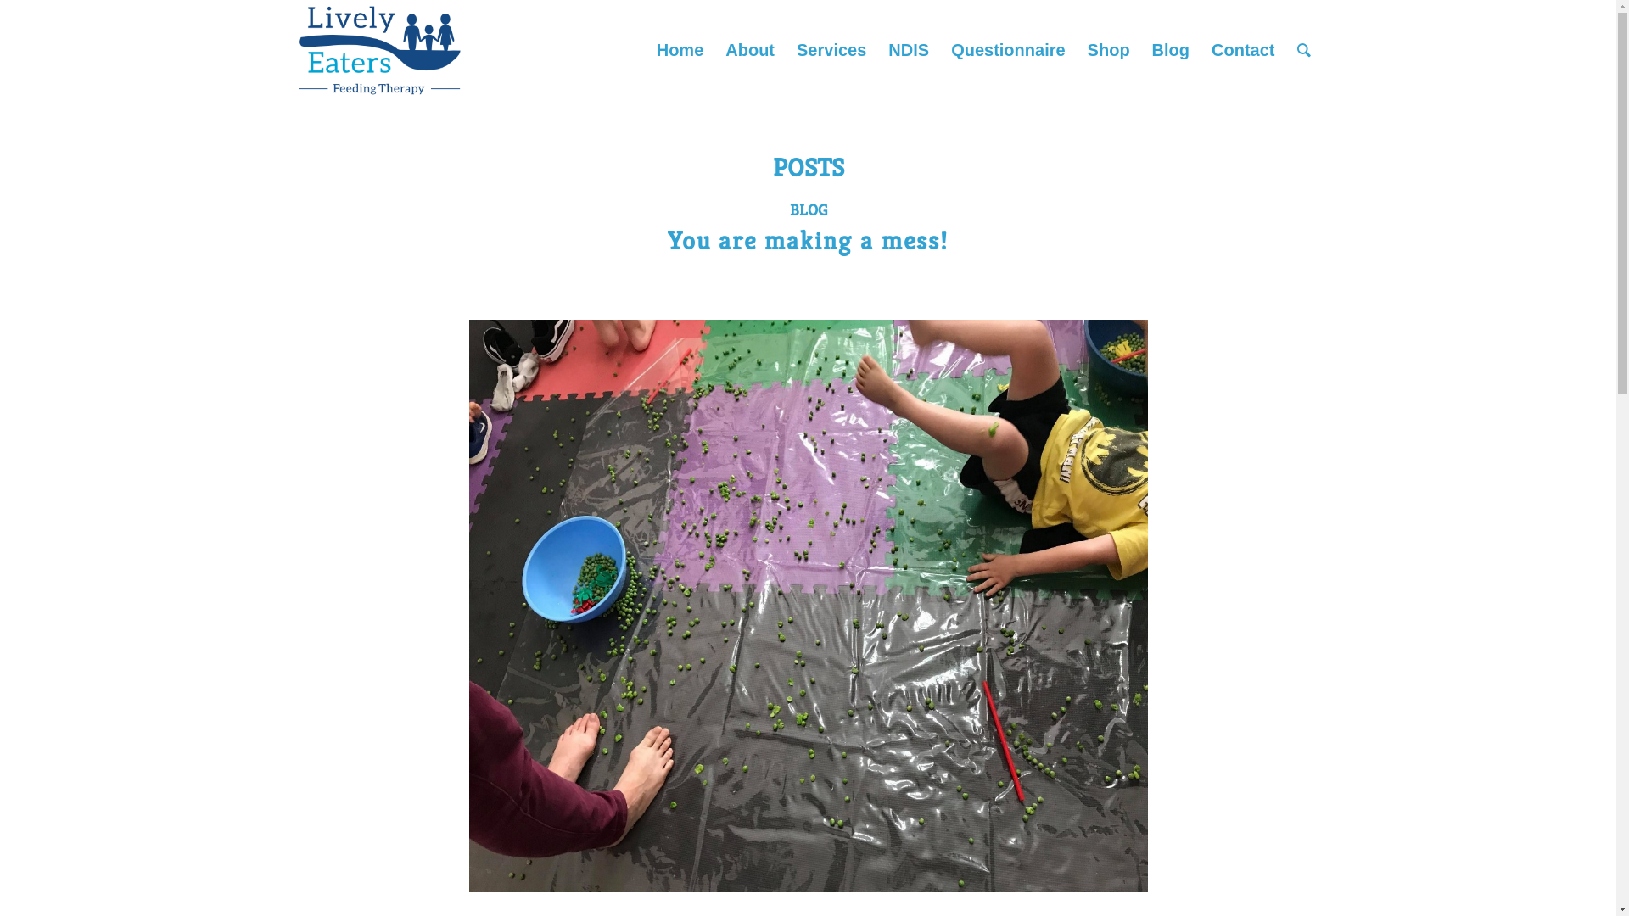 The height and width of the screenshot is (916, 1629). What do you see at coordinates (907, 48) in the screenshot?
I see `'NDIS'` at bounding box center [907, 48].